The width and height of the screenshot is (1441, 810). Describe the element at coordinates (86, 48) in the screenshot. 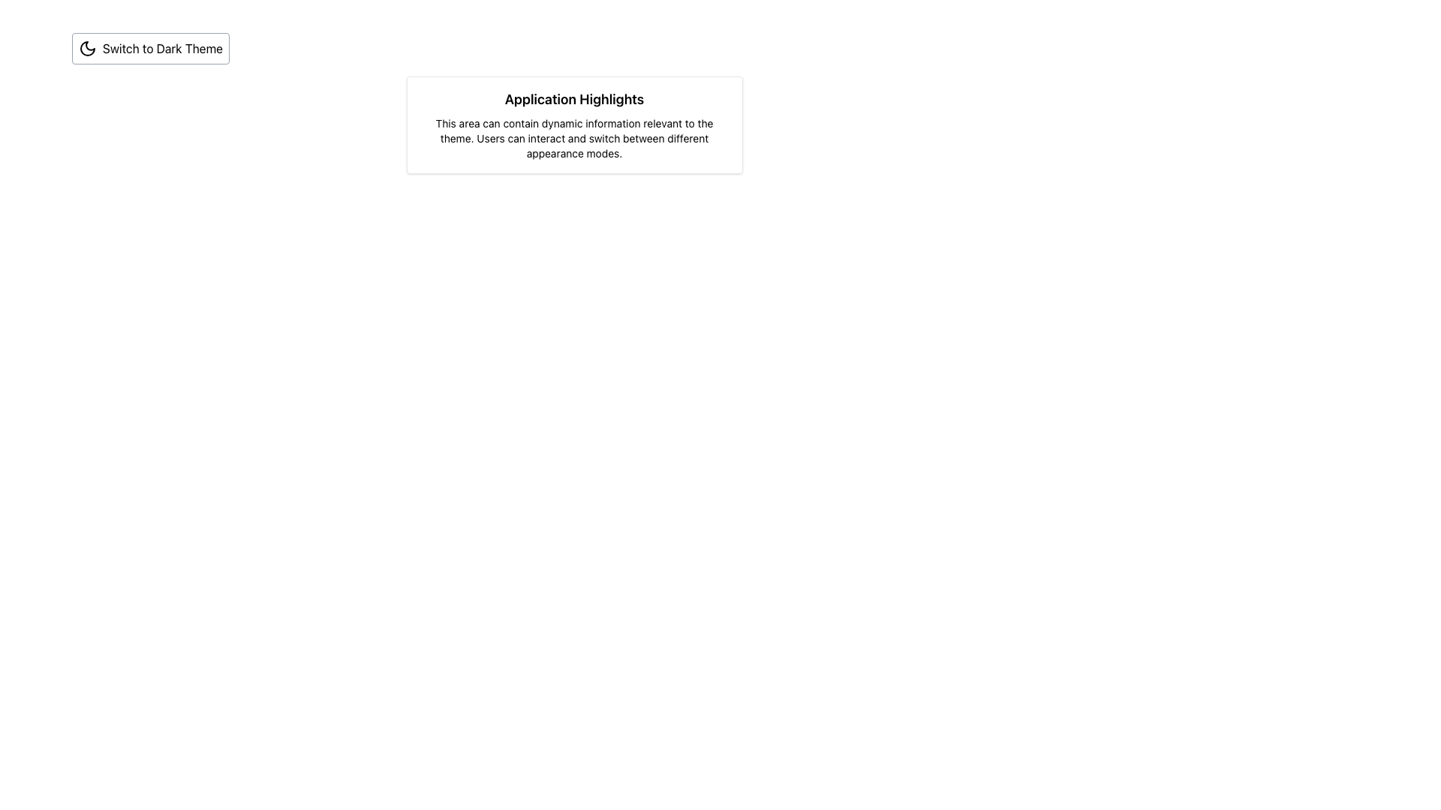

I see `the crescent moon icon located on the left of the 'Switch to Dark Theme' text in the upper-left corner of the interface` at that location.